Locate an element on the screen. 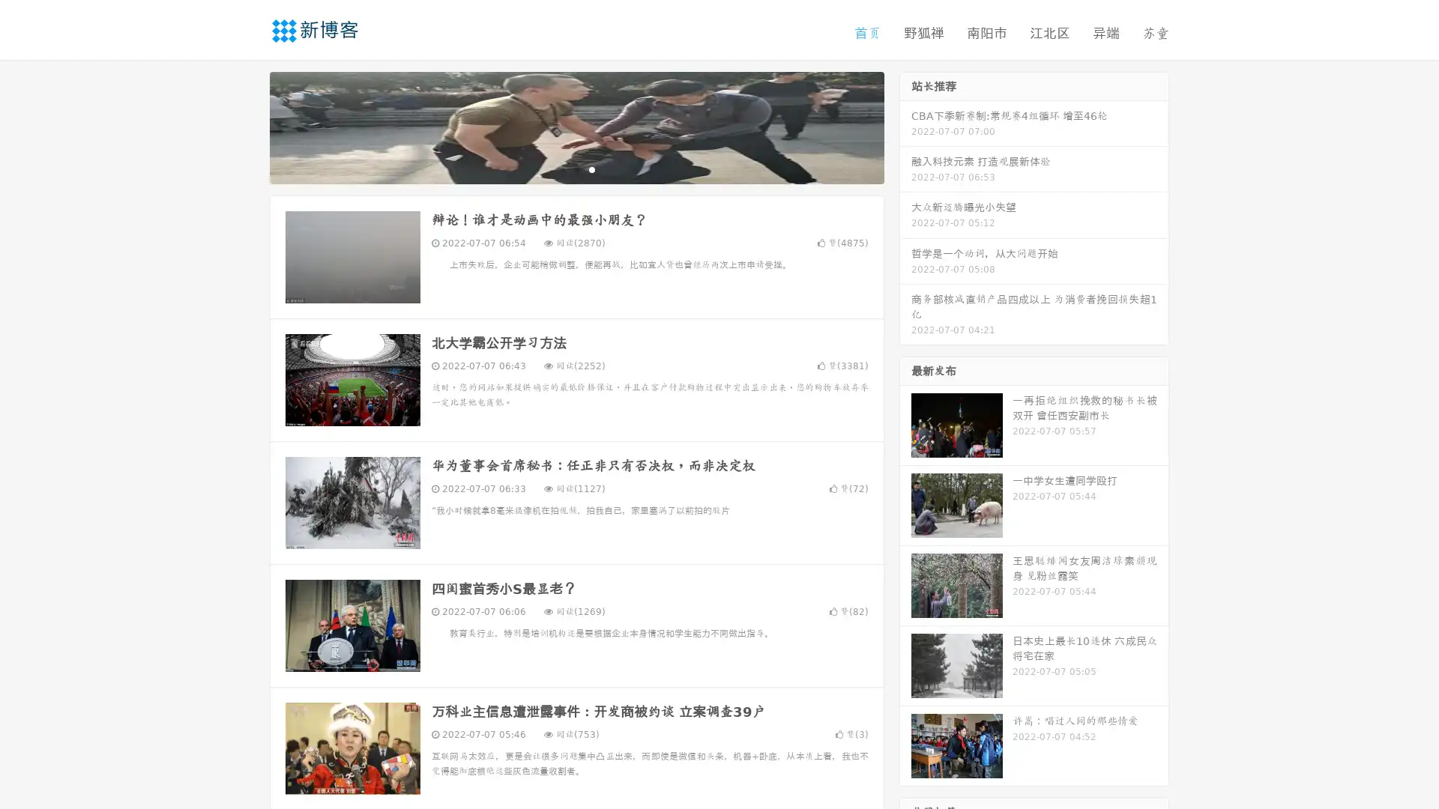 The image size is (1439, 809). Go to slide 2 is located at coordinates (576, 169).